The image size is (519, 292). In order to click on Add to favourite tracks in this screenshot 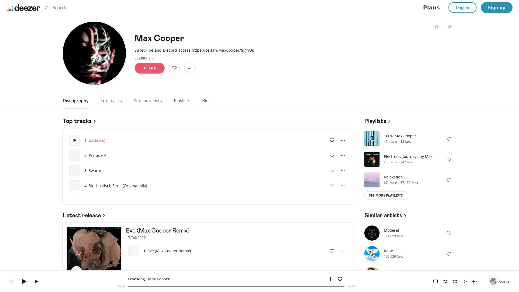, I will do `click(332, 155)`.